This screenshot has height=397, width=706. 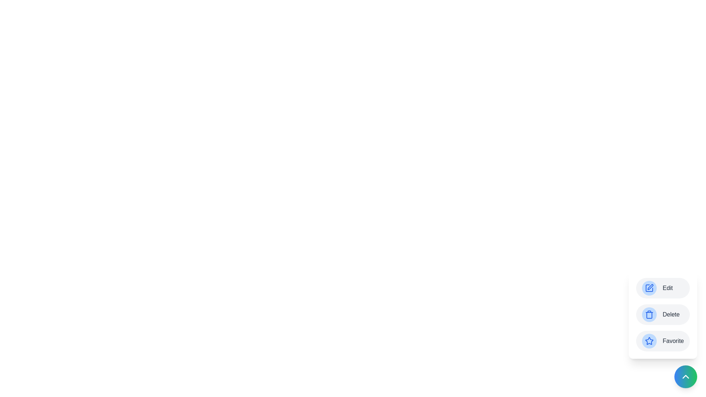 I want to click on the 'Edit' button to trigger its action, so click(x=663, y=287).